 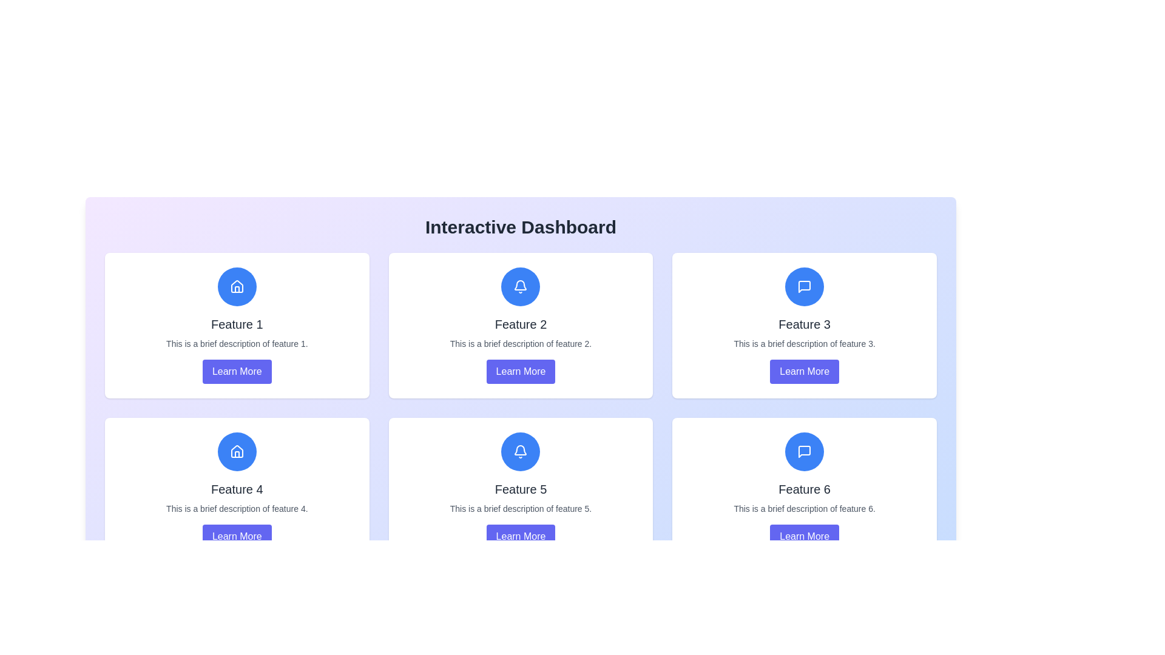 What do you see at coordinates (805, 536) in the screenshot?
I see `the 'Learn More' button located in the sixth feature card` at bounding box center [805, 536].